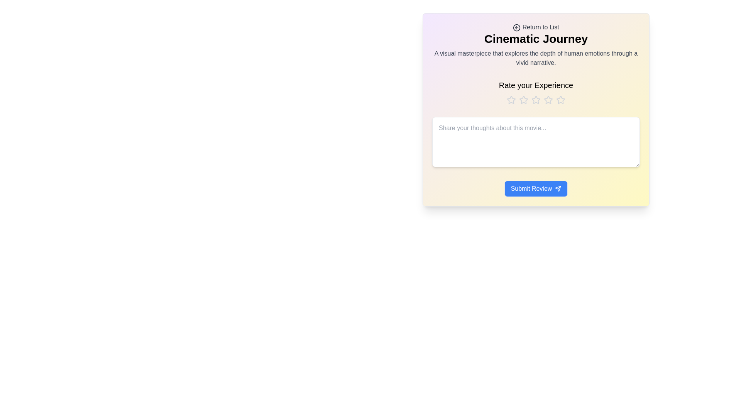  I want to click on the first star icon in the star rating component, so click(511, 99).